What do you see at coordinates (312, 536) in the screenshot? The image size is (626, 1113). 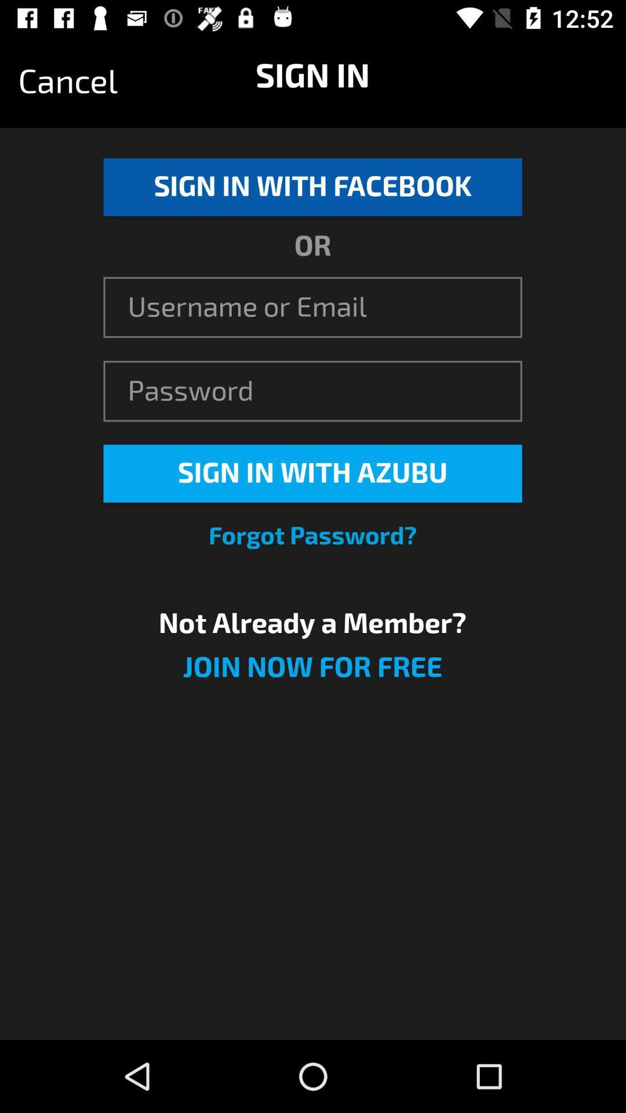 I see `the forgot password?` at bounding box center [312, 536].